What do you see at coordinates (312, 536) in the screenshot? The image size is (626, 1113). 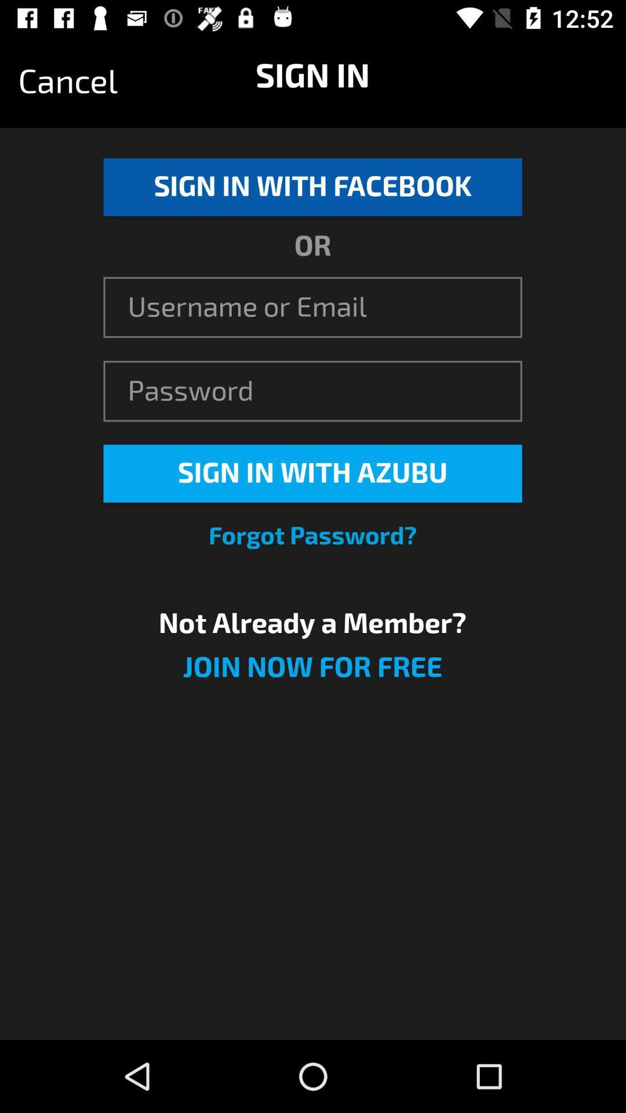 I see `the forgot password?` at bounding box center [312, 536].